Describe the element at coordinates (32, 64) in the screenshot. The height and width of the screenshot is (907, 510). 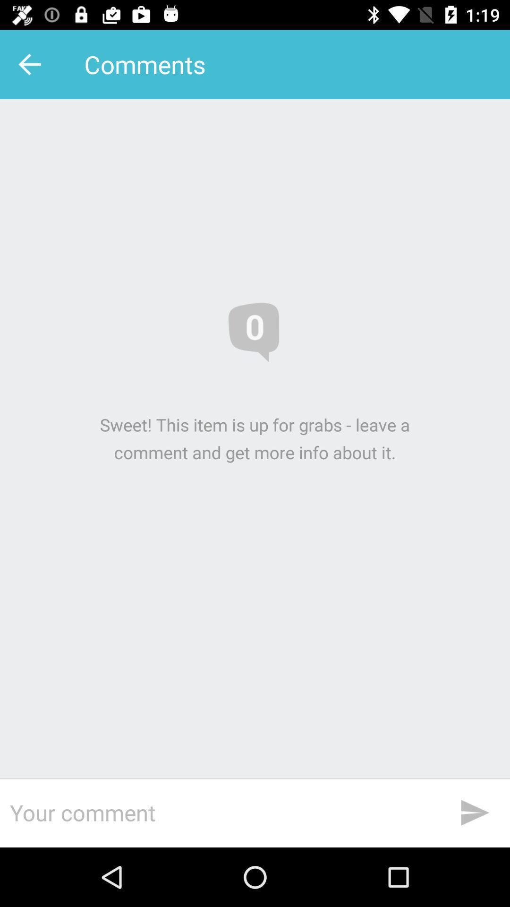
I see `icon to the left of the comments item` at that location.